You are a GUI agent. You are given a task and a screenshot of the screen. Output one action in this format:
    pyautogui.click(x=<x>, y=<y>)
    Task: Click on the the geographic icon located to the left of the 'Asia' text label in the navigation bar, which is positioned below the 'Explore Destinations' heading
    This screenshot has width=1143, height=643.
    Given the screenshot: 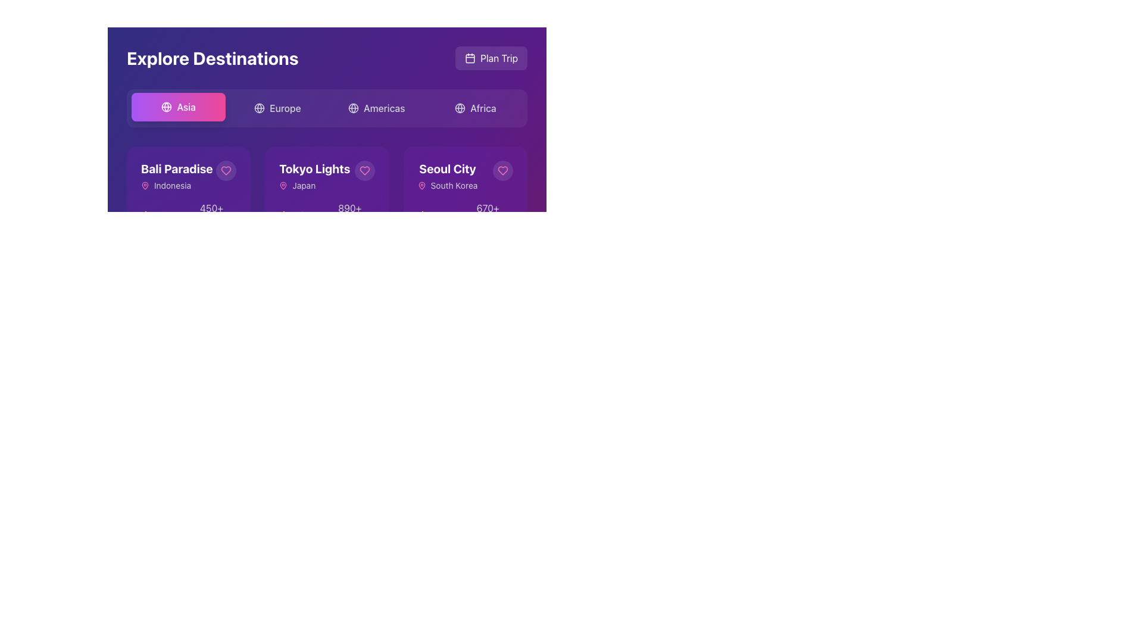 What is the action you would take?
    pyautogui.click(x=166, y=107)
    